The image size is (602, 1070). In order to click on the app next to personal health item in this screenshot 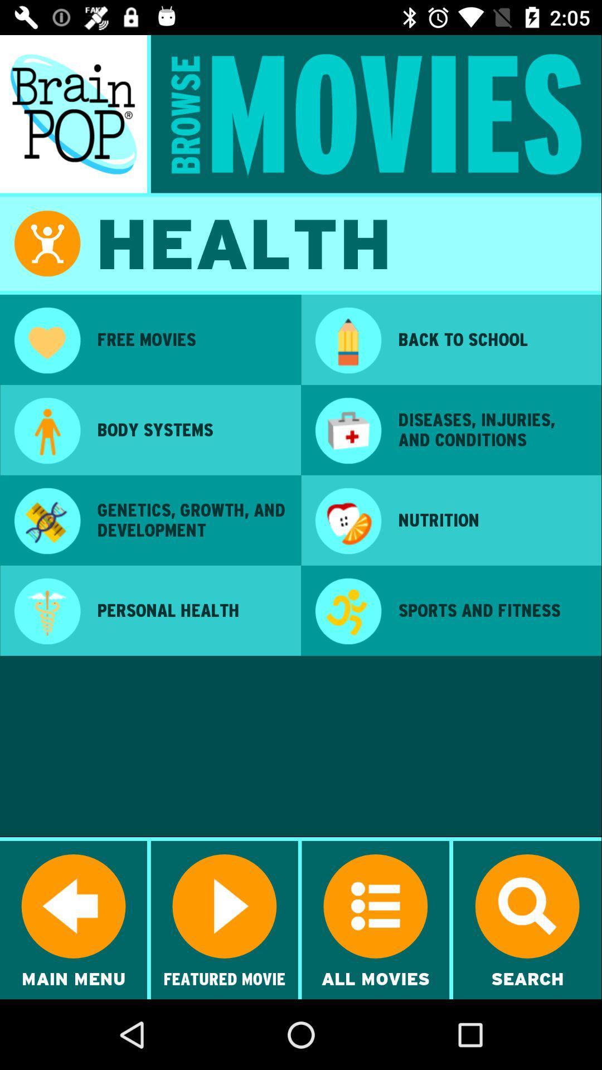, I will do `click(347, 612)`.